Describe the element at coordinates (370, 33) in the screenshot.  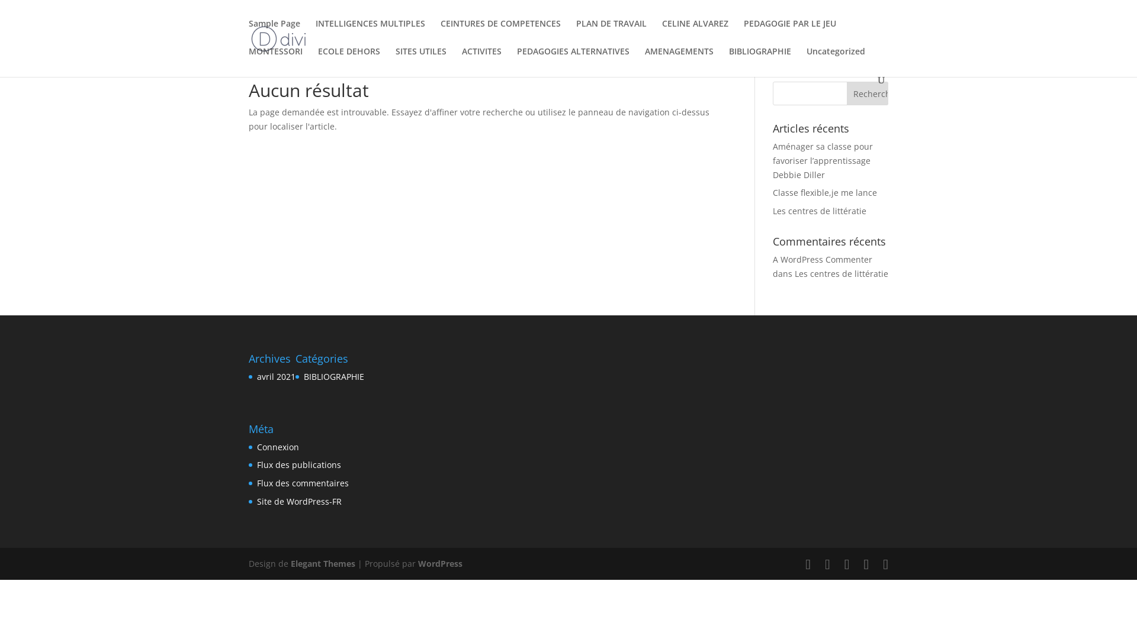
I see `'INTELLIGENCES MULTIPLES'` at that location.